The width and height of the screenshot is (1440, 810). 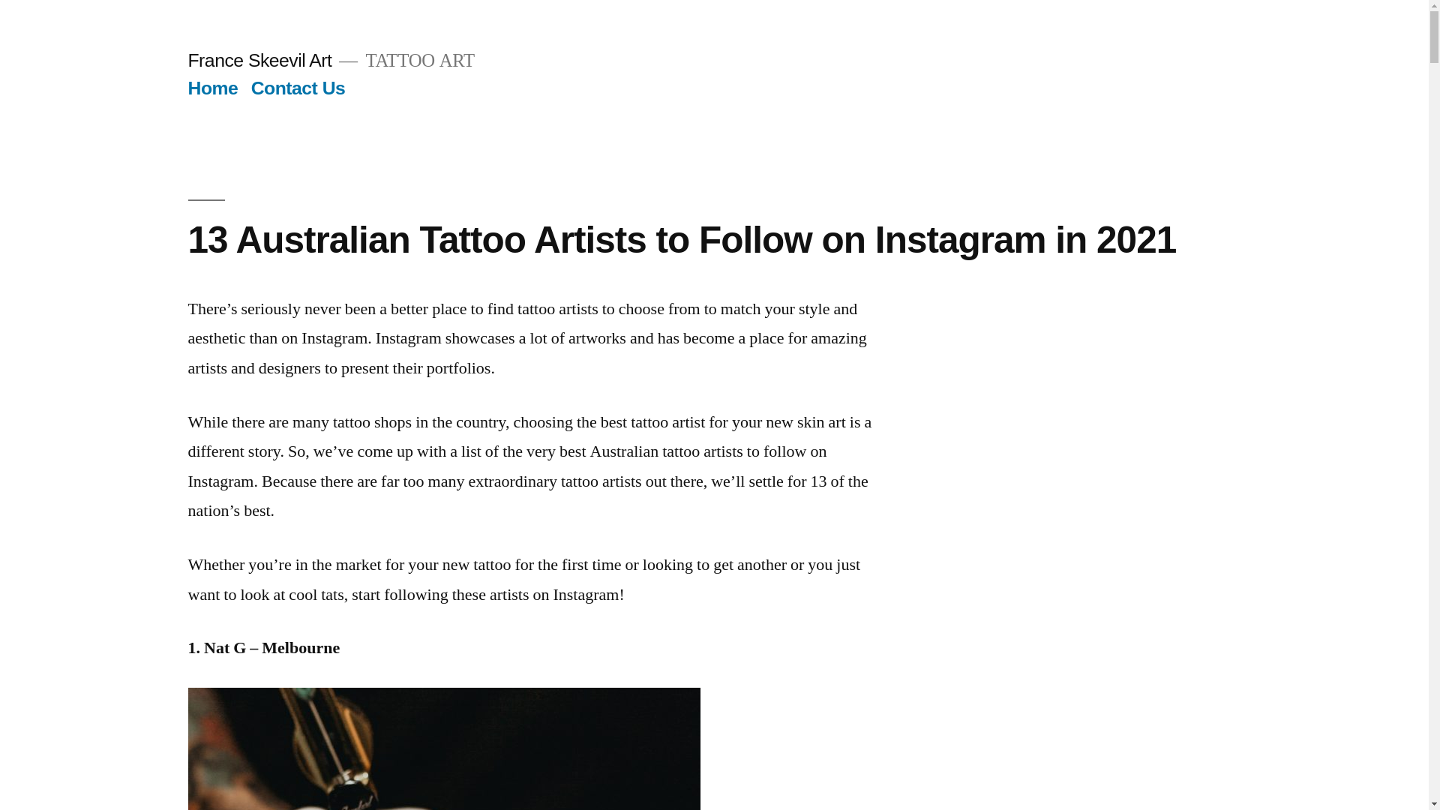 I want to click on '13 Australian Tattoo Artists to Follow on Instagram in 2021', so click(x=680, y=238).